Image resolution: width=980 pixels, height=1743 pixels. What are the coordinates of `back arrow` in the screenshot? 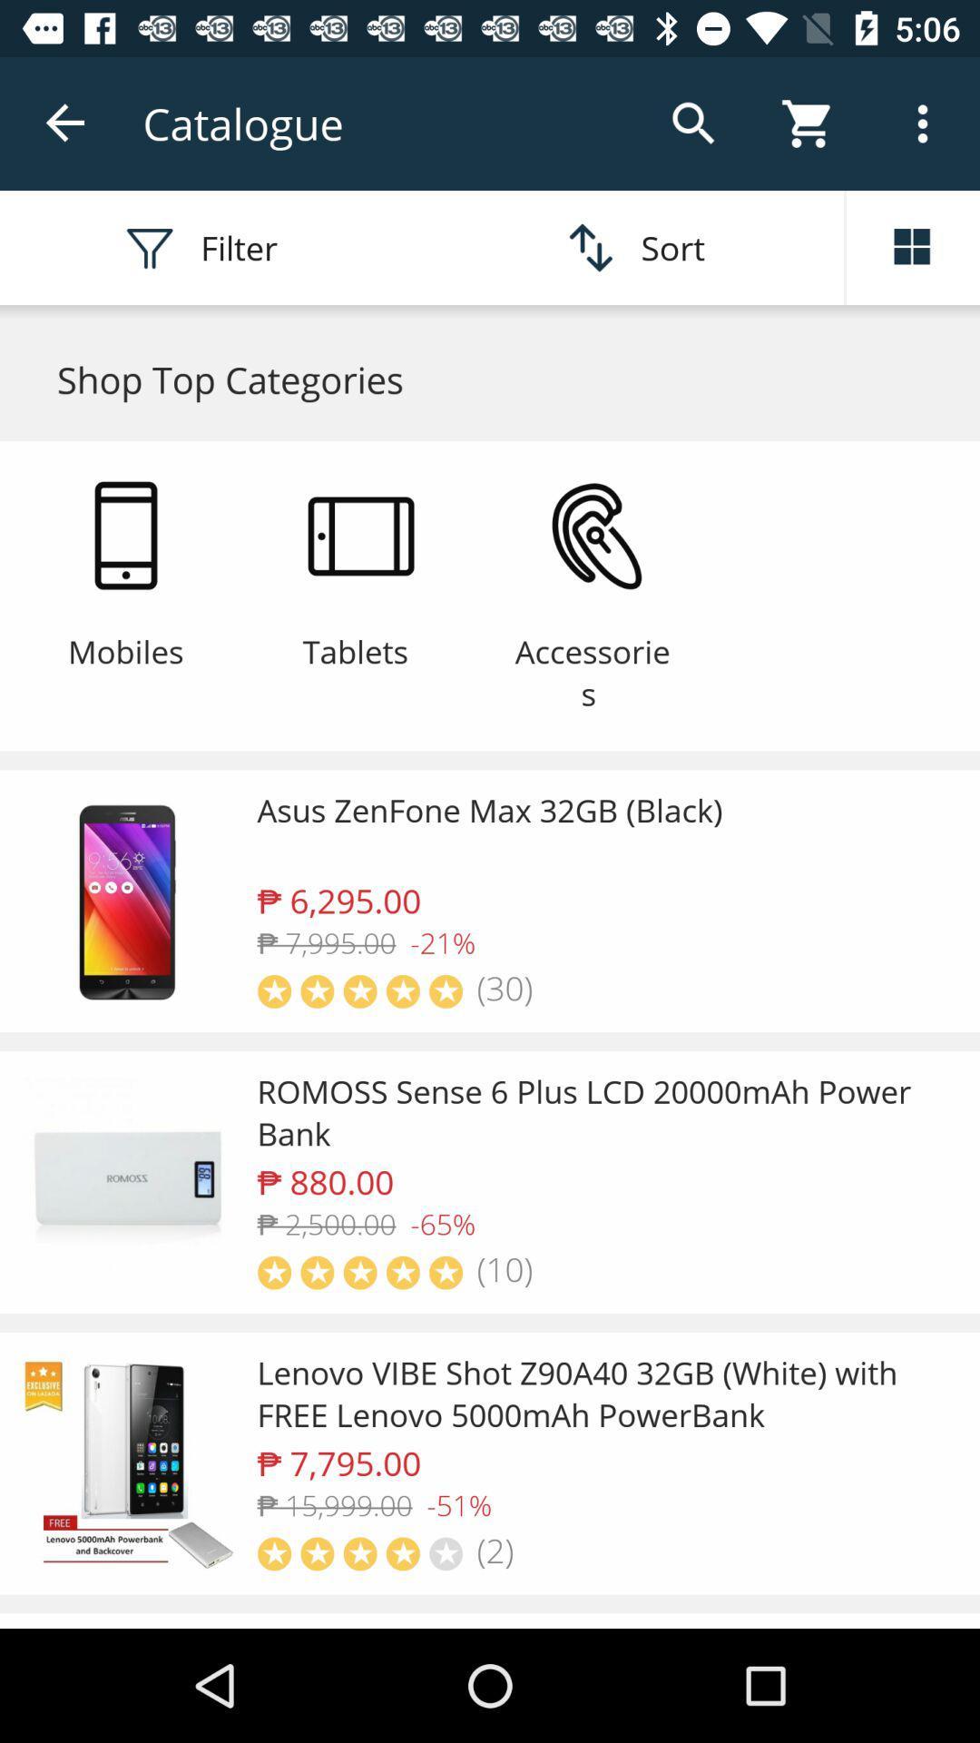 It's located at (65, 123).